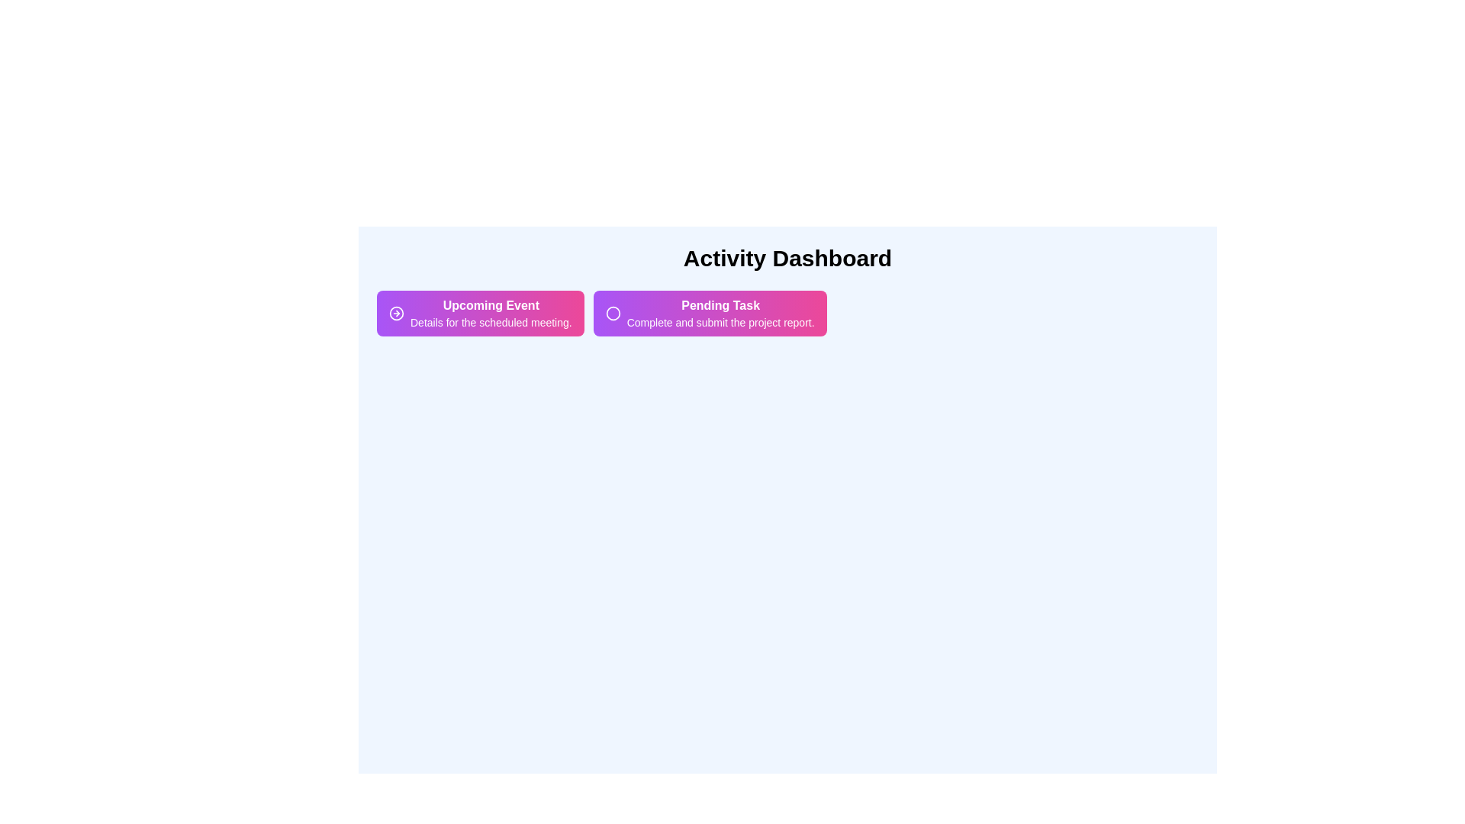 This screenshot has width=1465, height=824. Describe the element at coordinates (396, 313) in the screenshot. I see `the icon of Upcoming Event chip` at that location.